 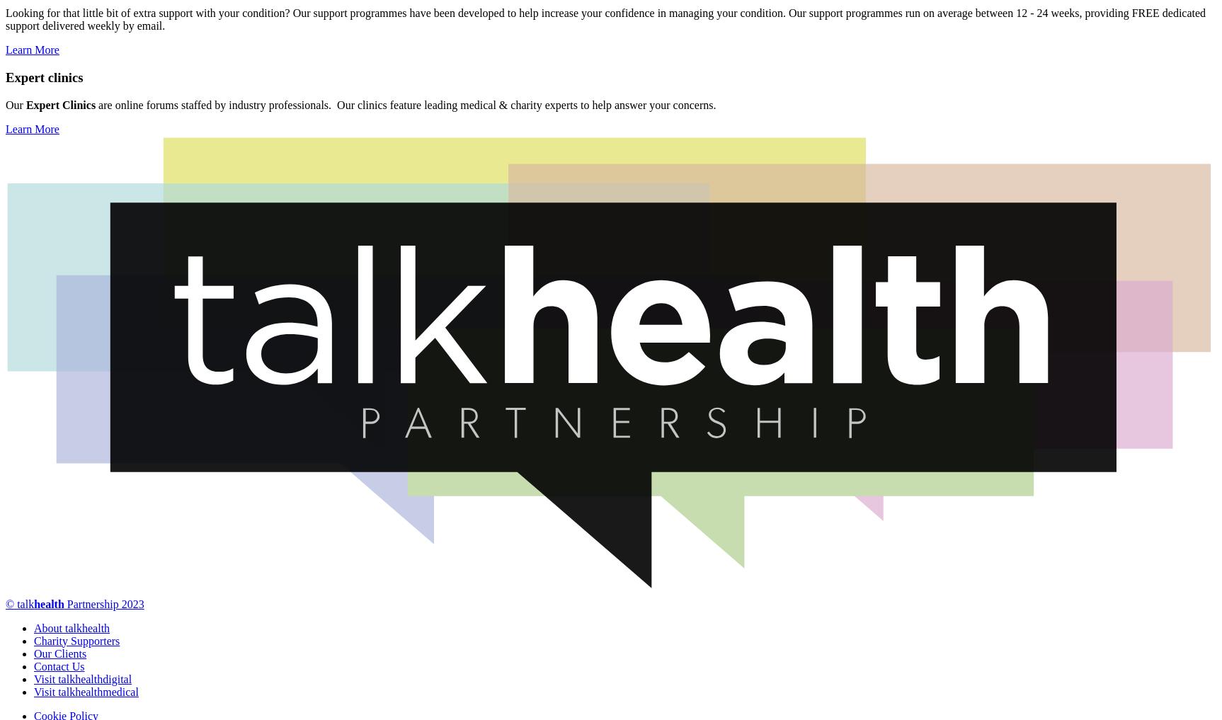 What do you see at coordinates (33, 665) in the screenshot?
I see `'Contact Us'` at bounding box center [33, 665].